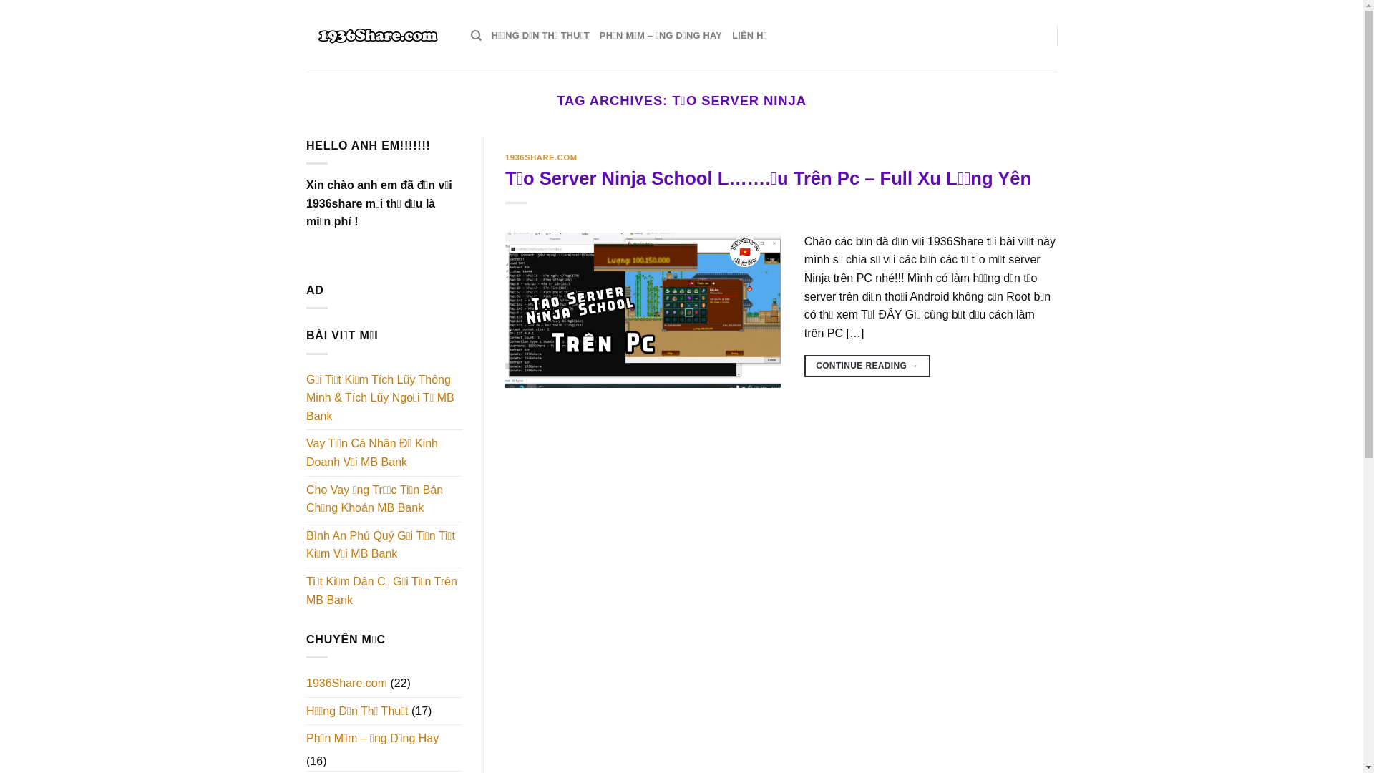 The height and width of the screenshot is (773, 1374). Describe the element at coordinates (346, 684) in the screenshot. I see `'1936Share.com'` at that location.